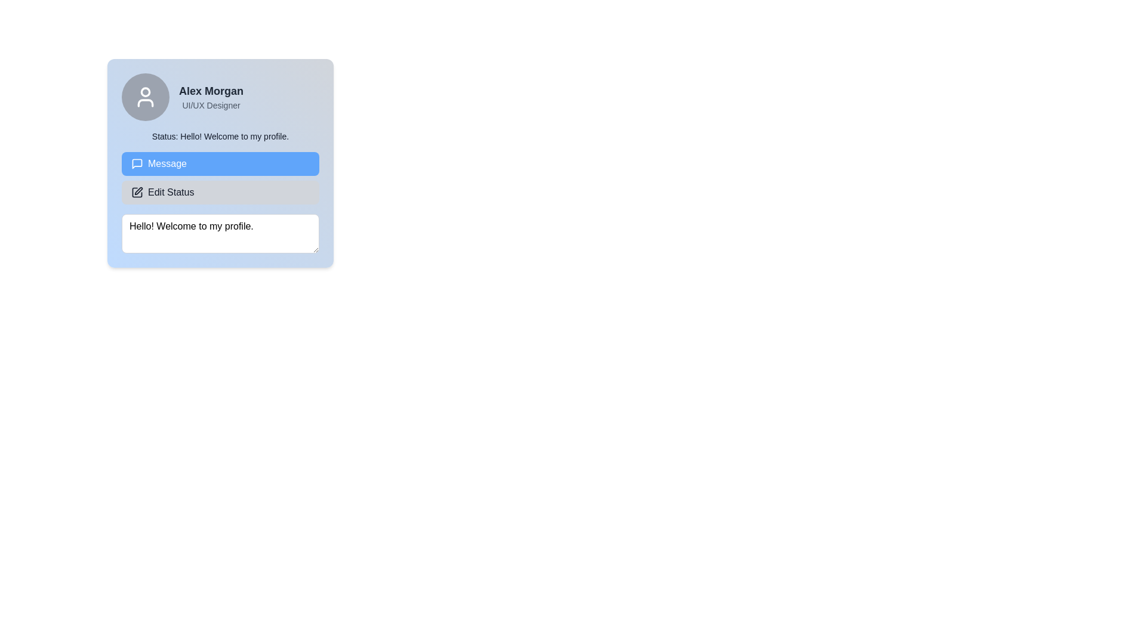 This screenshot has width=1146, height=644. I want to click on the graphical vector icon component that completes the user profile icon, located at the lower section directly below the head icon, so click(145, 103).